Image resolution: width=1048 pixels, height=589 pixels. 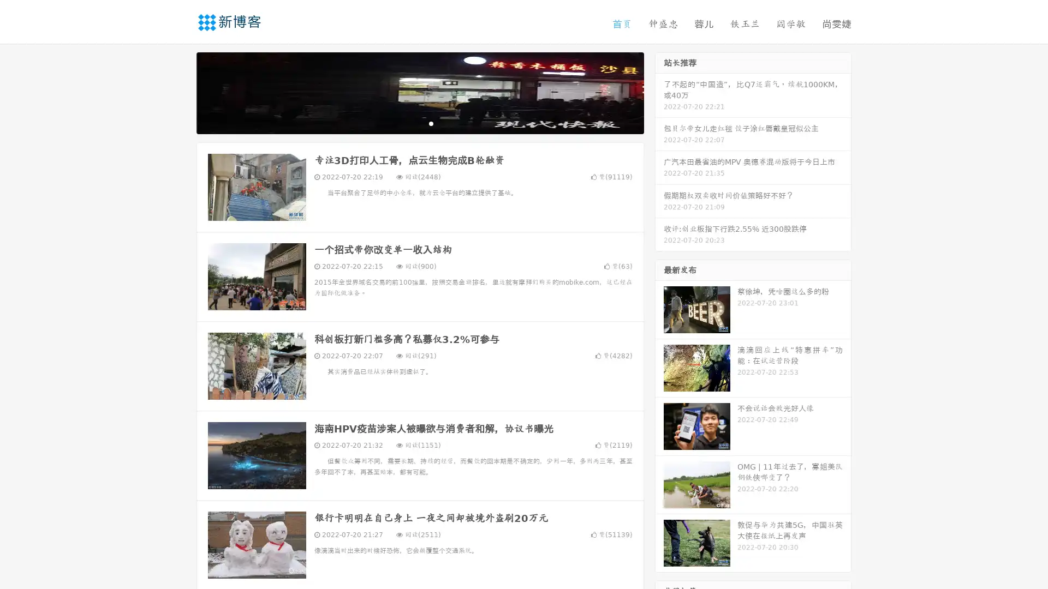 What do you see at coordinates (431, 123) in the screenshot?
I see `Go to slide 3` at bounding box center [431, 123].